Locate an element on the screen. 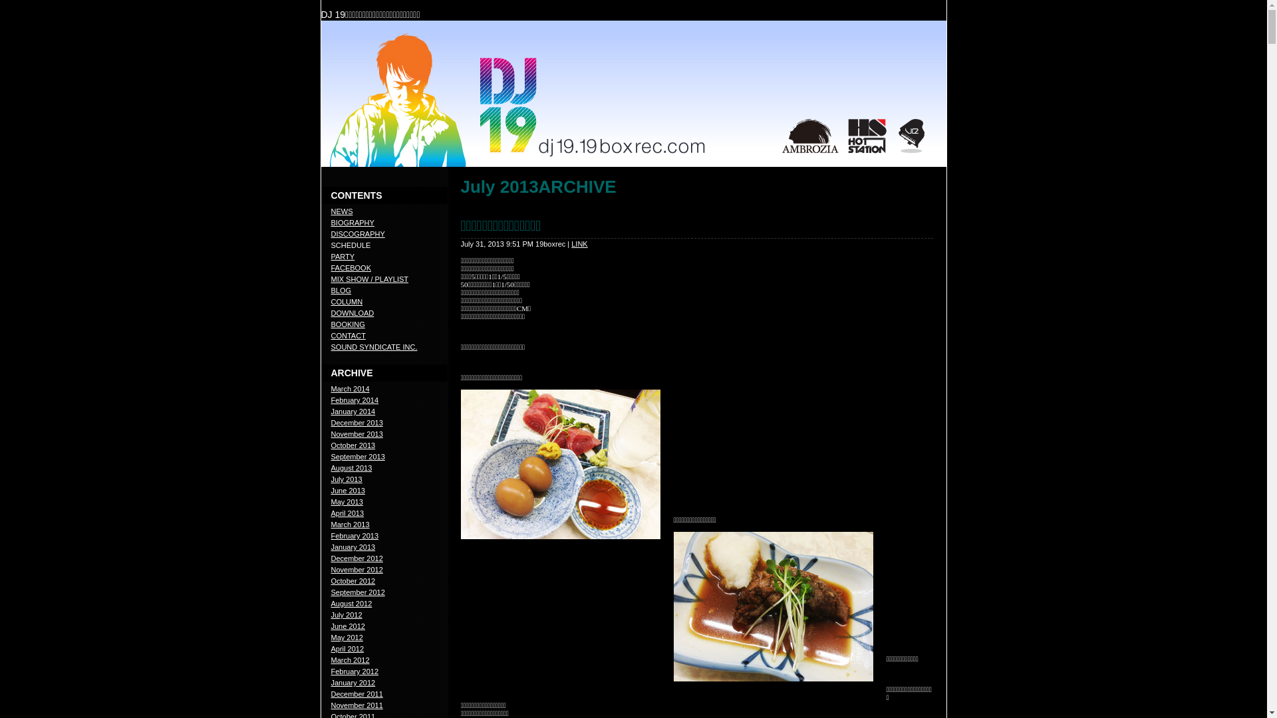 Image resolution: width=1277 pixels, height=718 pixels. 'August 2013' is located at coordinates (351, 467).